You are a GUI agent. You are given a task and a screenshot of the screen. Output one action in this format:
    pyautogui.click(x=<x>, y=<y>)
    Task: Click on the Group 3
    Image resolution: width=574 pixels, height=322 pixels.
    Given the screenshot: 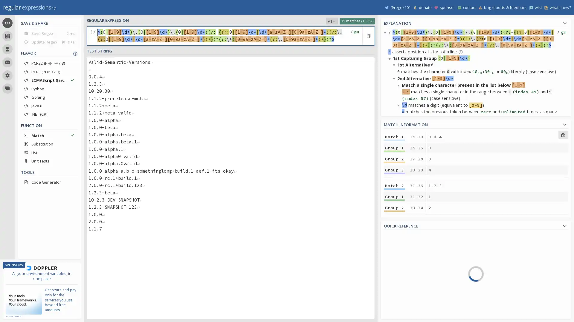 What is the action you would take?
    pyautogui.click(x=394, y=316)
    